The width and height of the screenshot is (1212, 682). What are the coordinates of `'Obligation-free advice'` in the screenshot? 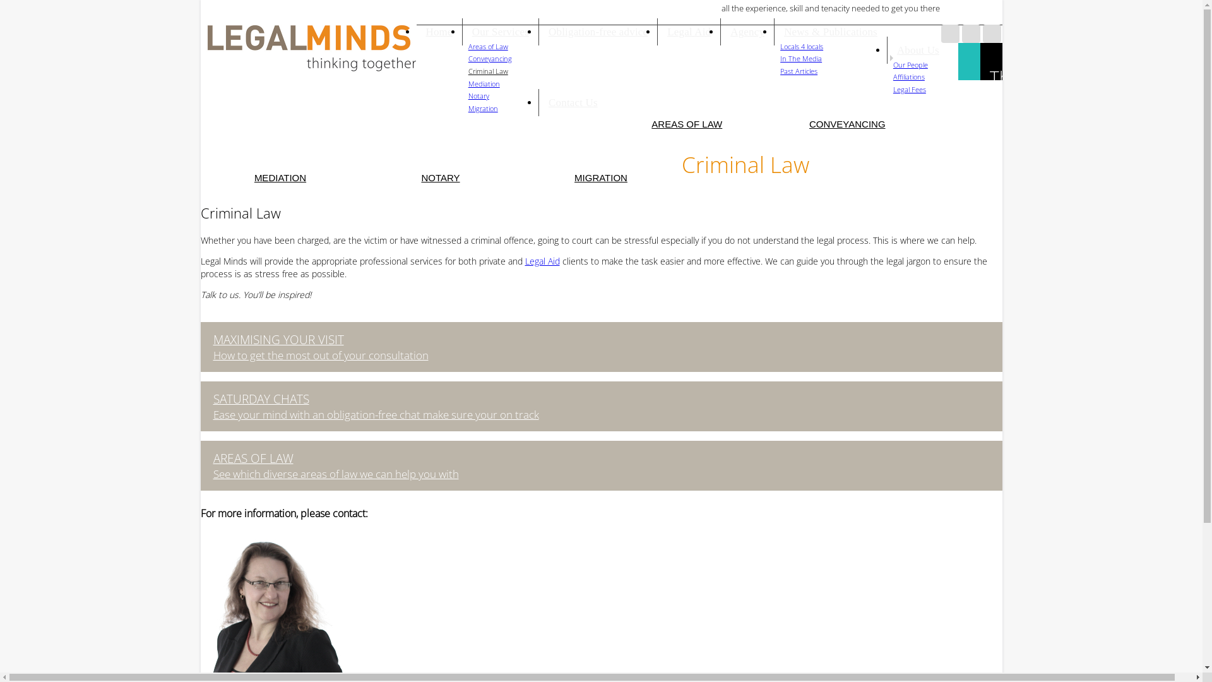 It's located at (597, 31).